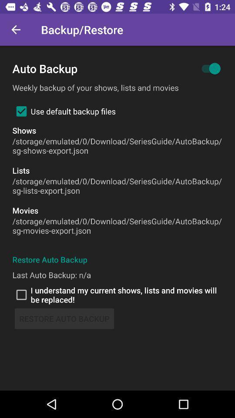 The height and width of the screenshot is (418, 235). I want to click on the use default backup, so click(64, 111).